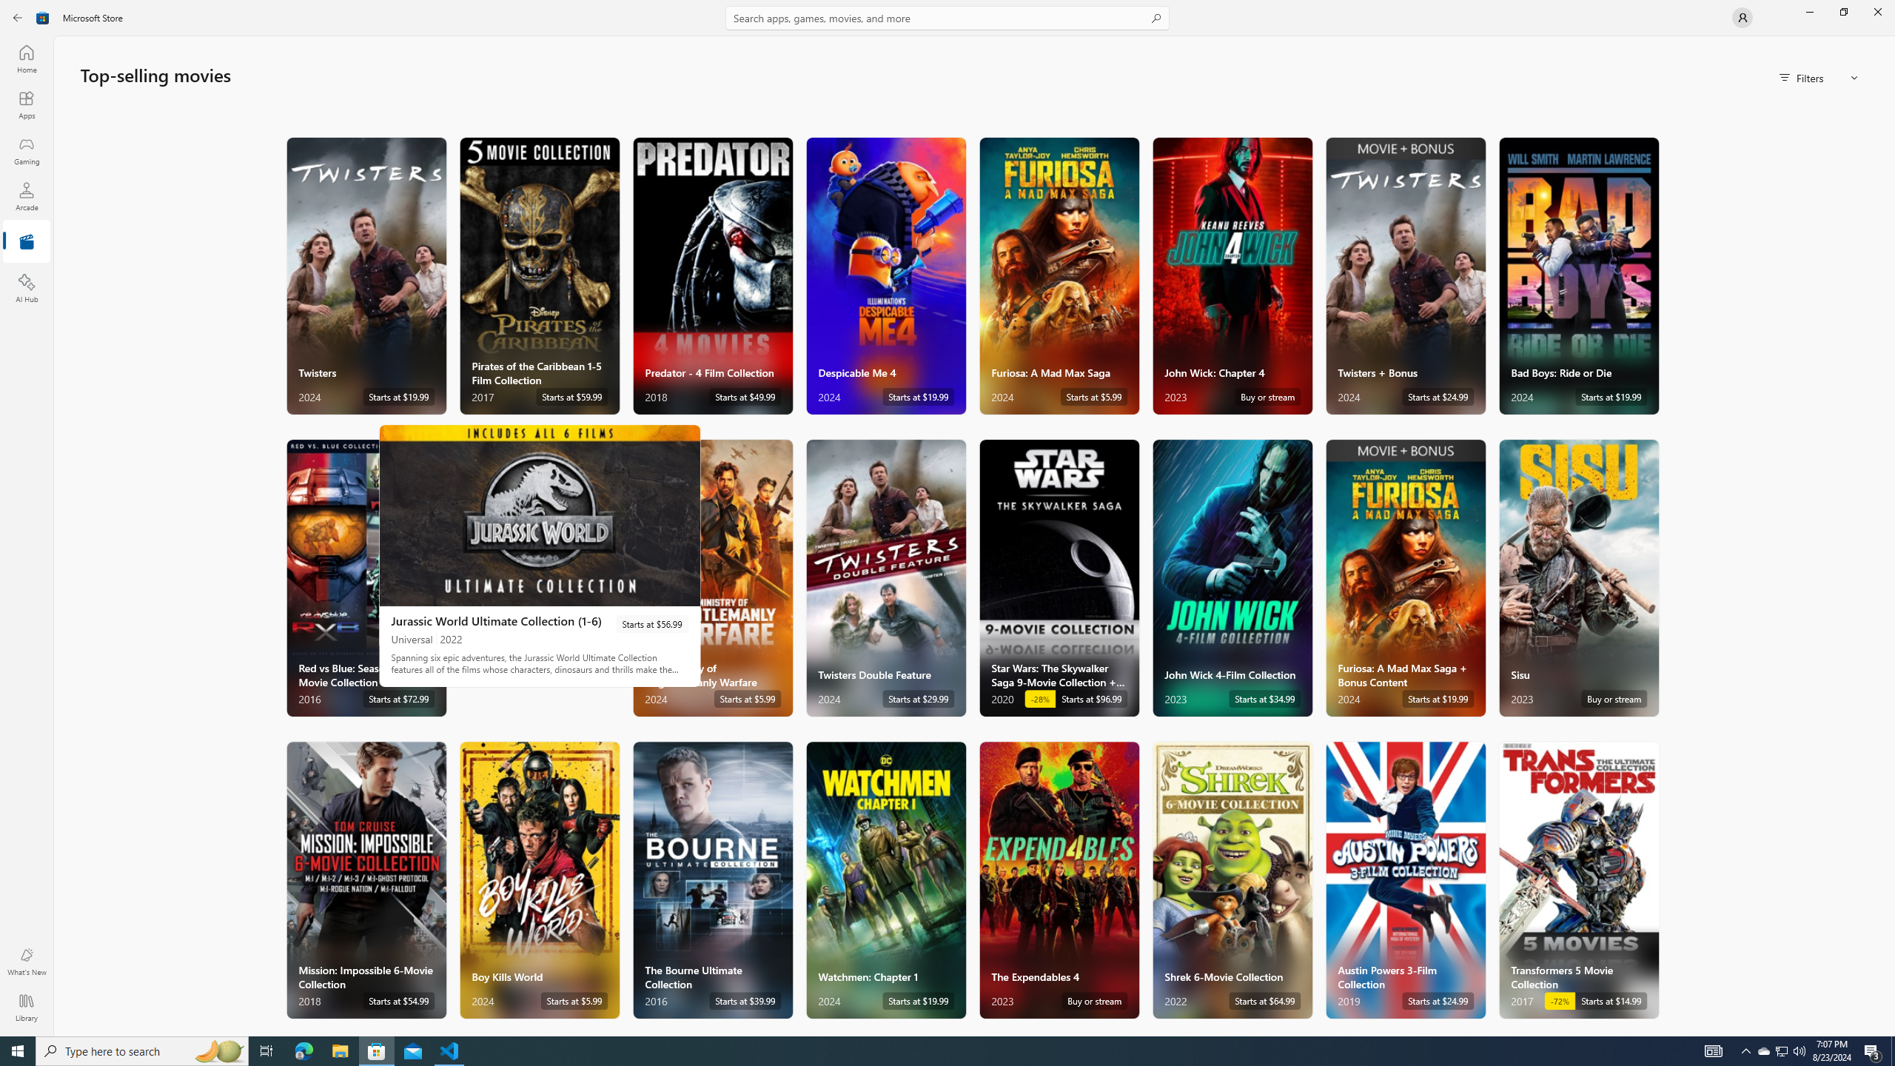  I want to click on 'Boy Kills World. Starts at $5.99  ', so click(538, 879).